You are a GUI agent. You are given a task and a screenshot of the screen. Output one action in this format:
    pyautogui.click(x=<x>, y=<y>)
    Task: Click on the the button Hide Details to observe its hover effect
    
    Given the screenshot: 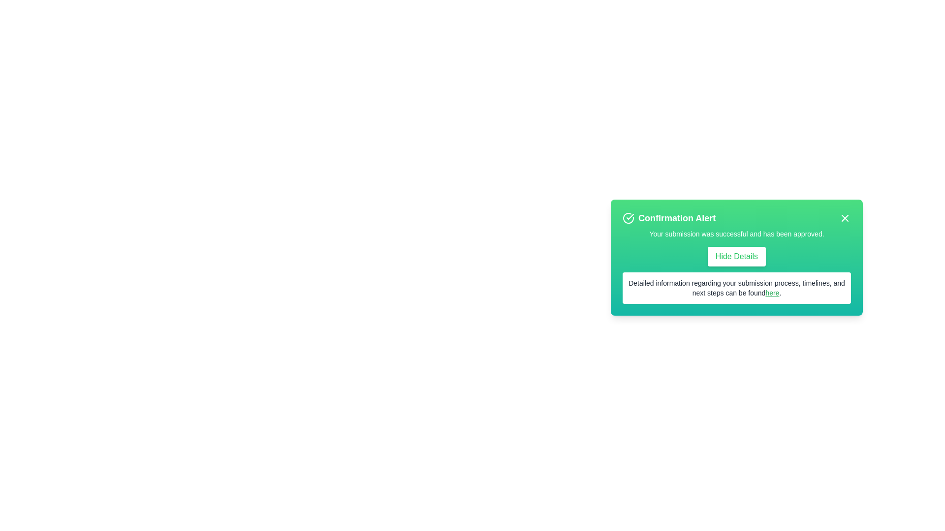 What is the action you would take?
    pyautogui.click(x=737, y=256)
    